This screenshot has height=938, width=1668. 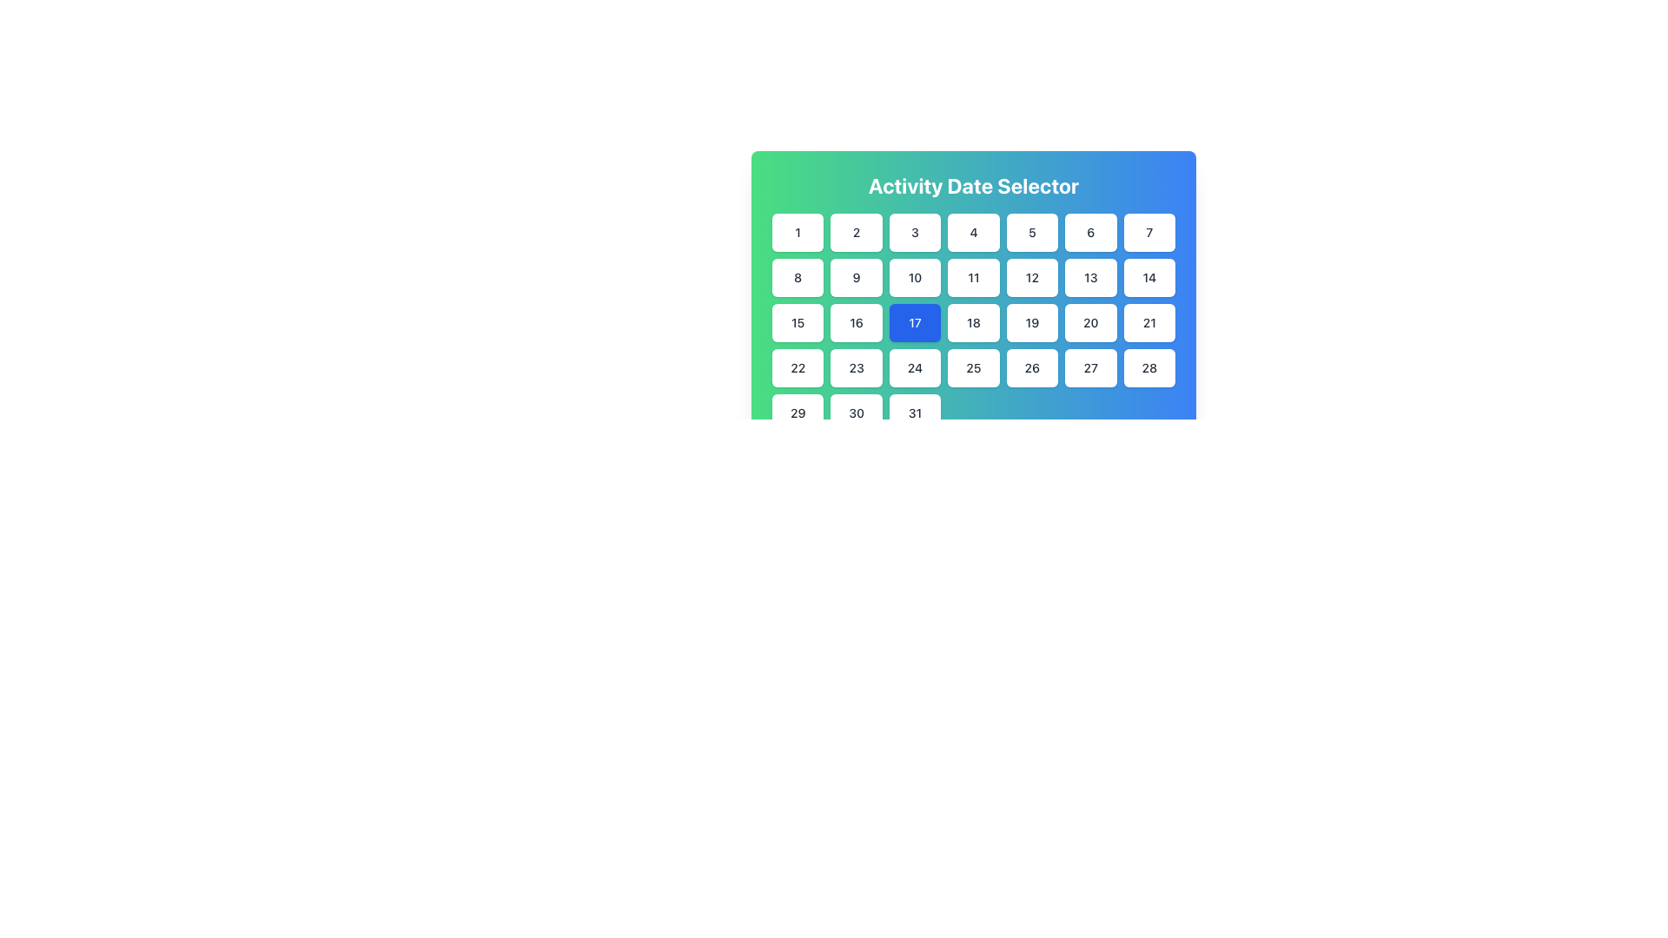 I want to click on the date '1' button located, so click(x=797, y=231).